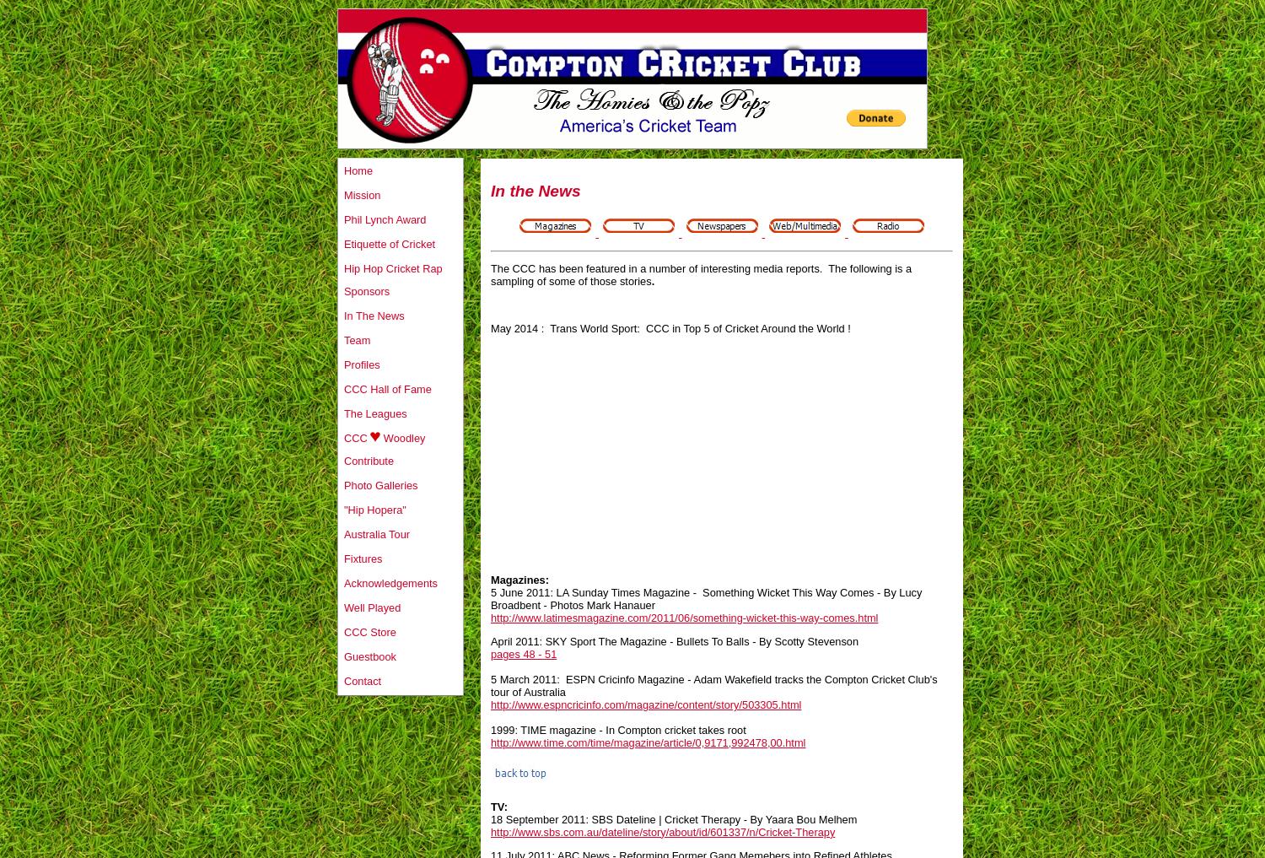 This screenshot has width=1265, height=858. I want to click on 'Sponsors', so click(366, 290).